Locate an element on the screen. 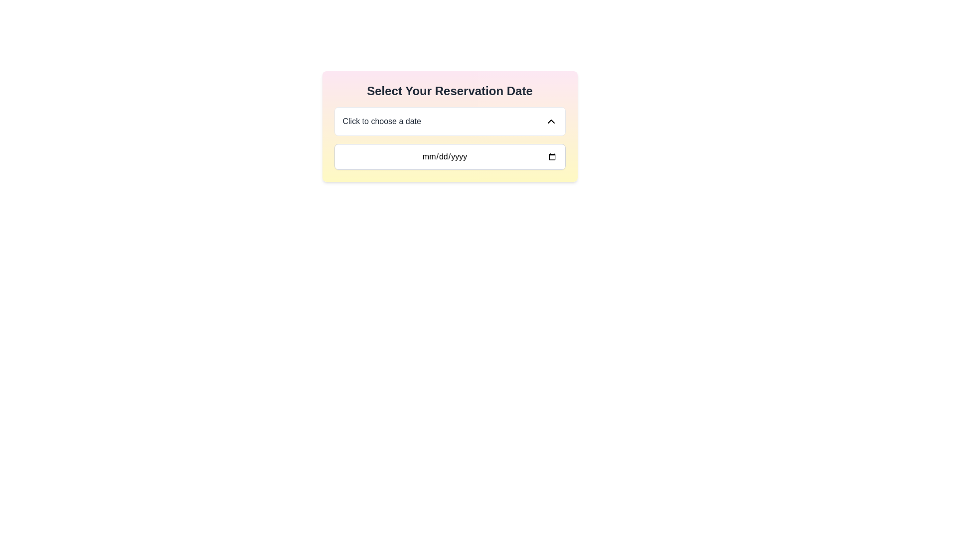  the heading element that provides context for selecting a reservation date, located at the top of the card component is located at coordinates (449, 91).